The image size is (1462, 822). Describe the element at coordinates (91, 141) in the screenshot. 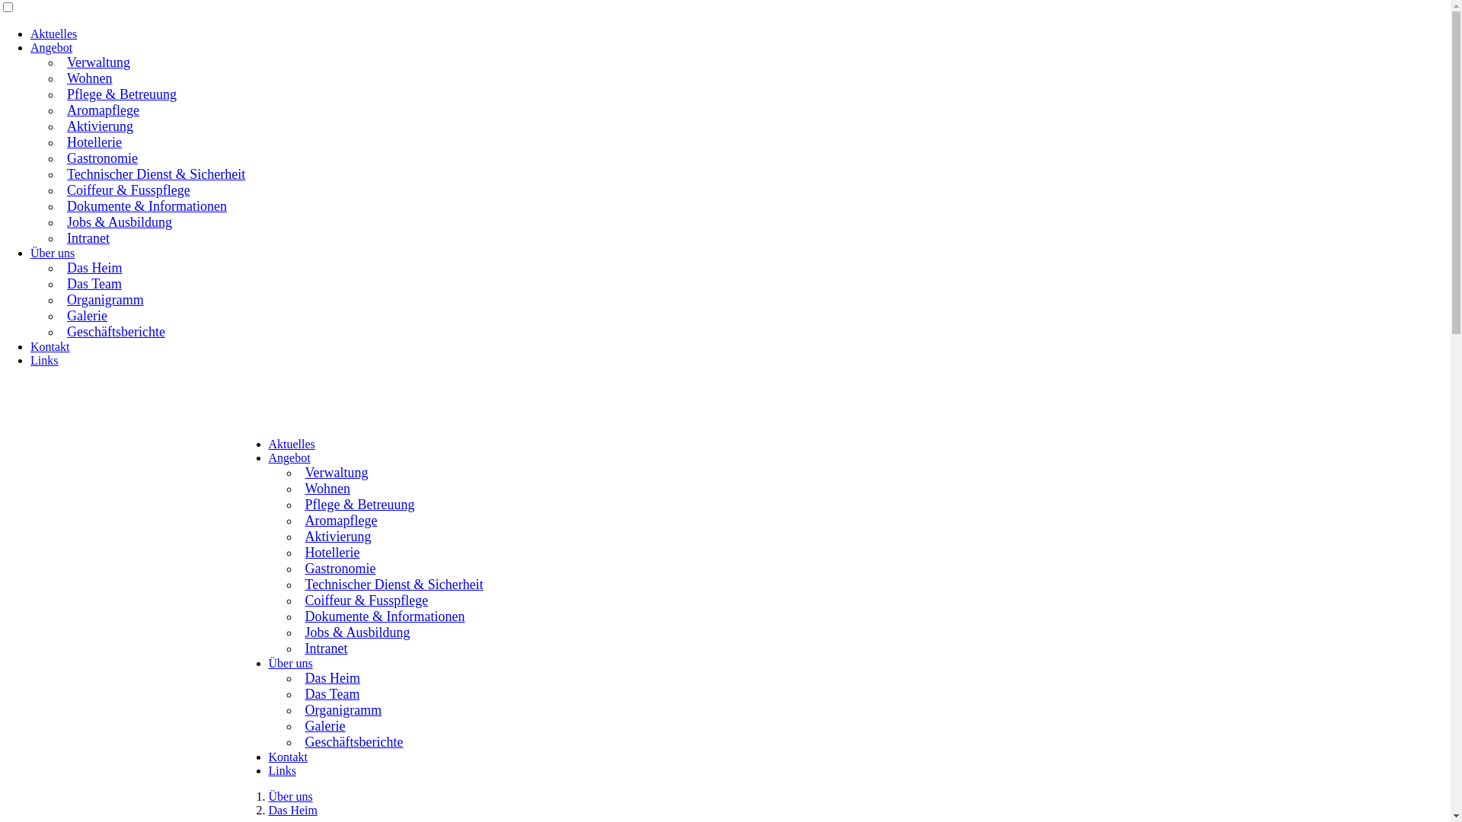

I see `'Hotellerie'` at that location.